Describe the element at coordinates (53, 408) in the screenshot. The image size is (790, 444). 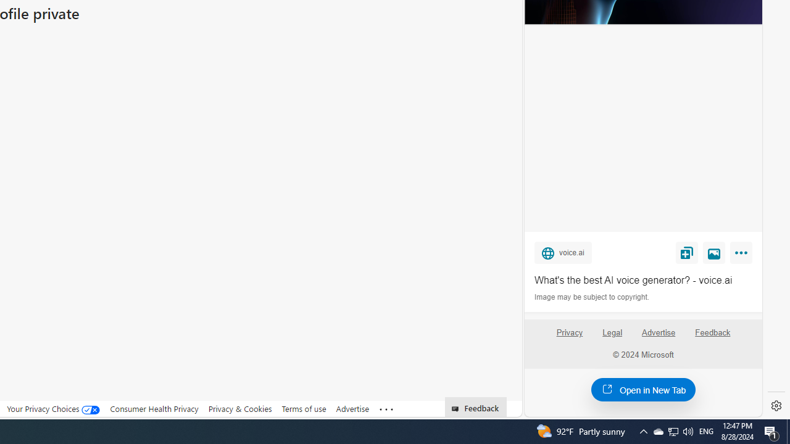
I see `'Your Privacy Choices'` at that location.